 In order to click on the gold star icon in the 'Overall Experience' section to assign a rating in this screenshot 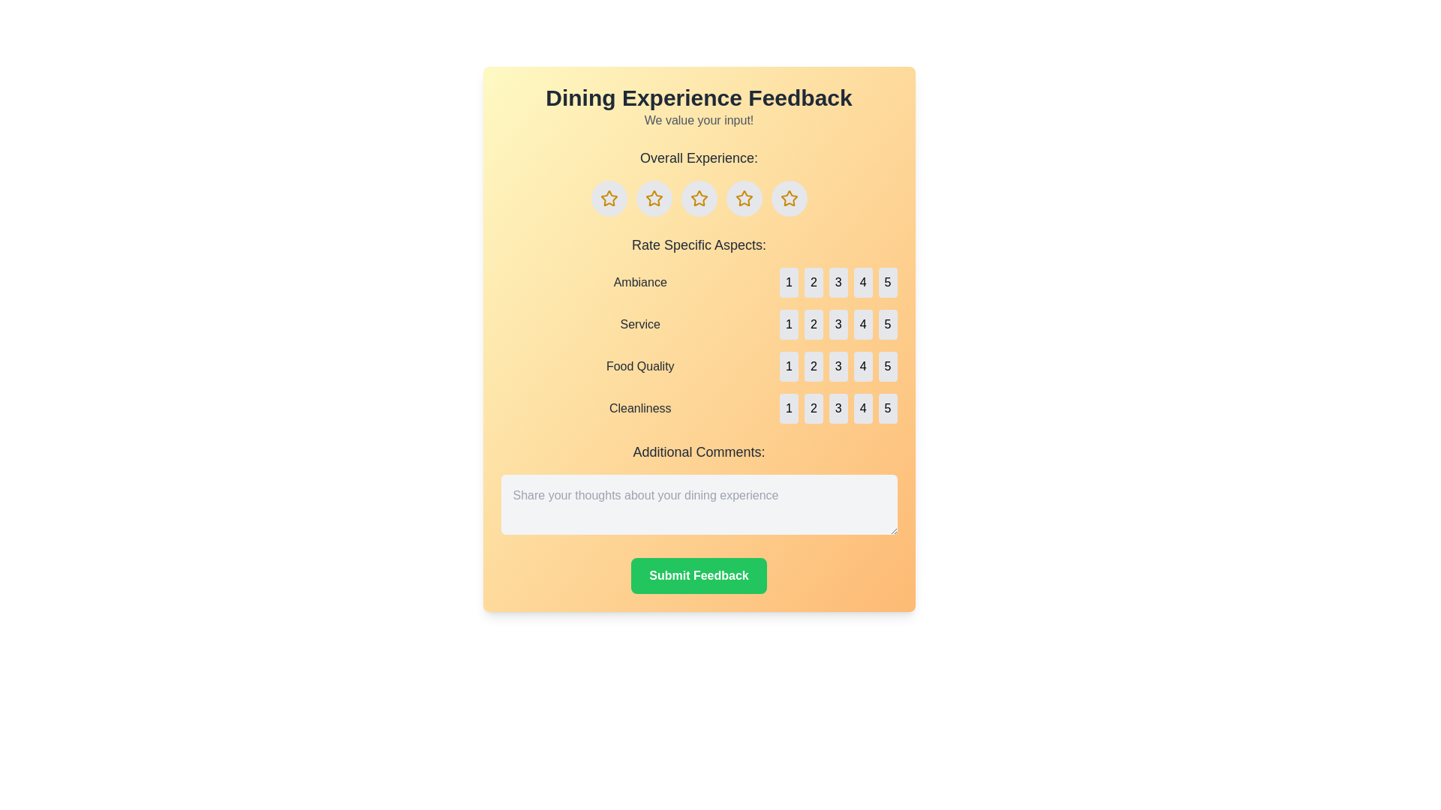, I will do `click(698, 198)`.